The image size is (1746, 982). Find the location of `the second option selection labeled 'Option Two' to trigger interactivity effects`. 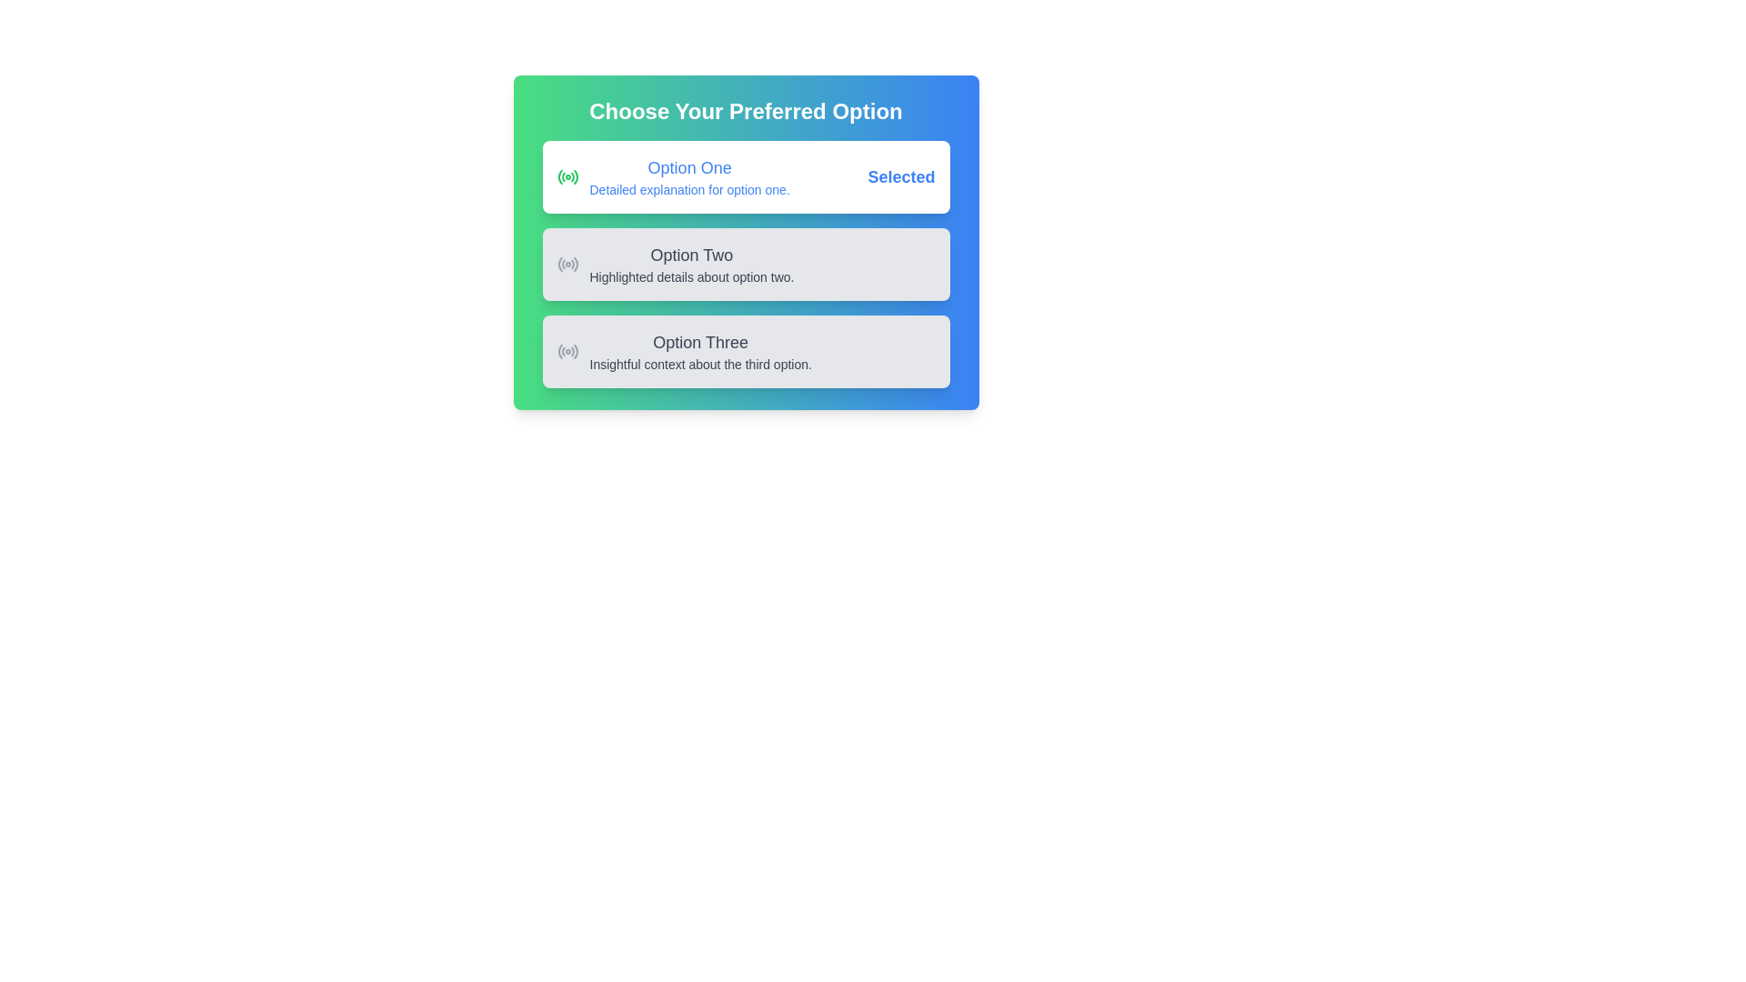

the second option selection labeled 'Option Two' to trigger interactivity effects is located at coordinates (746, 241).